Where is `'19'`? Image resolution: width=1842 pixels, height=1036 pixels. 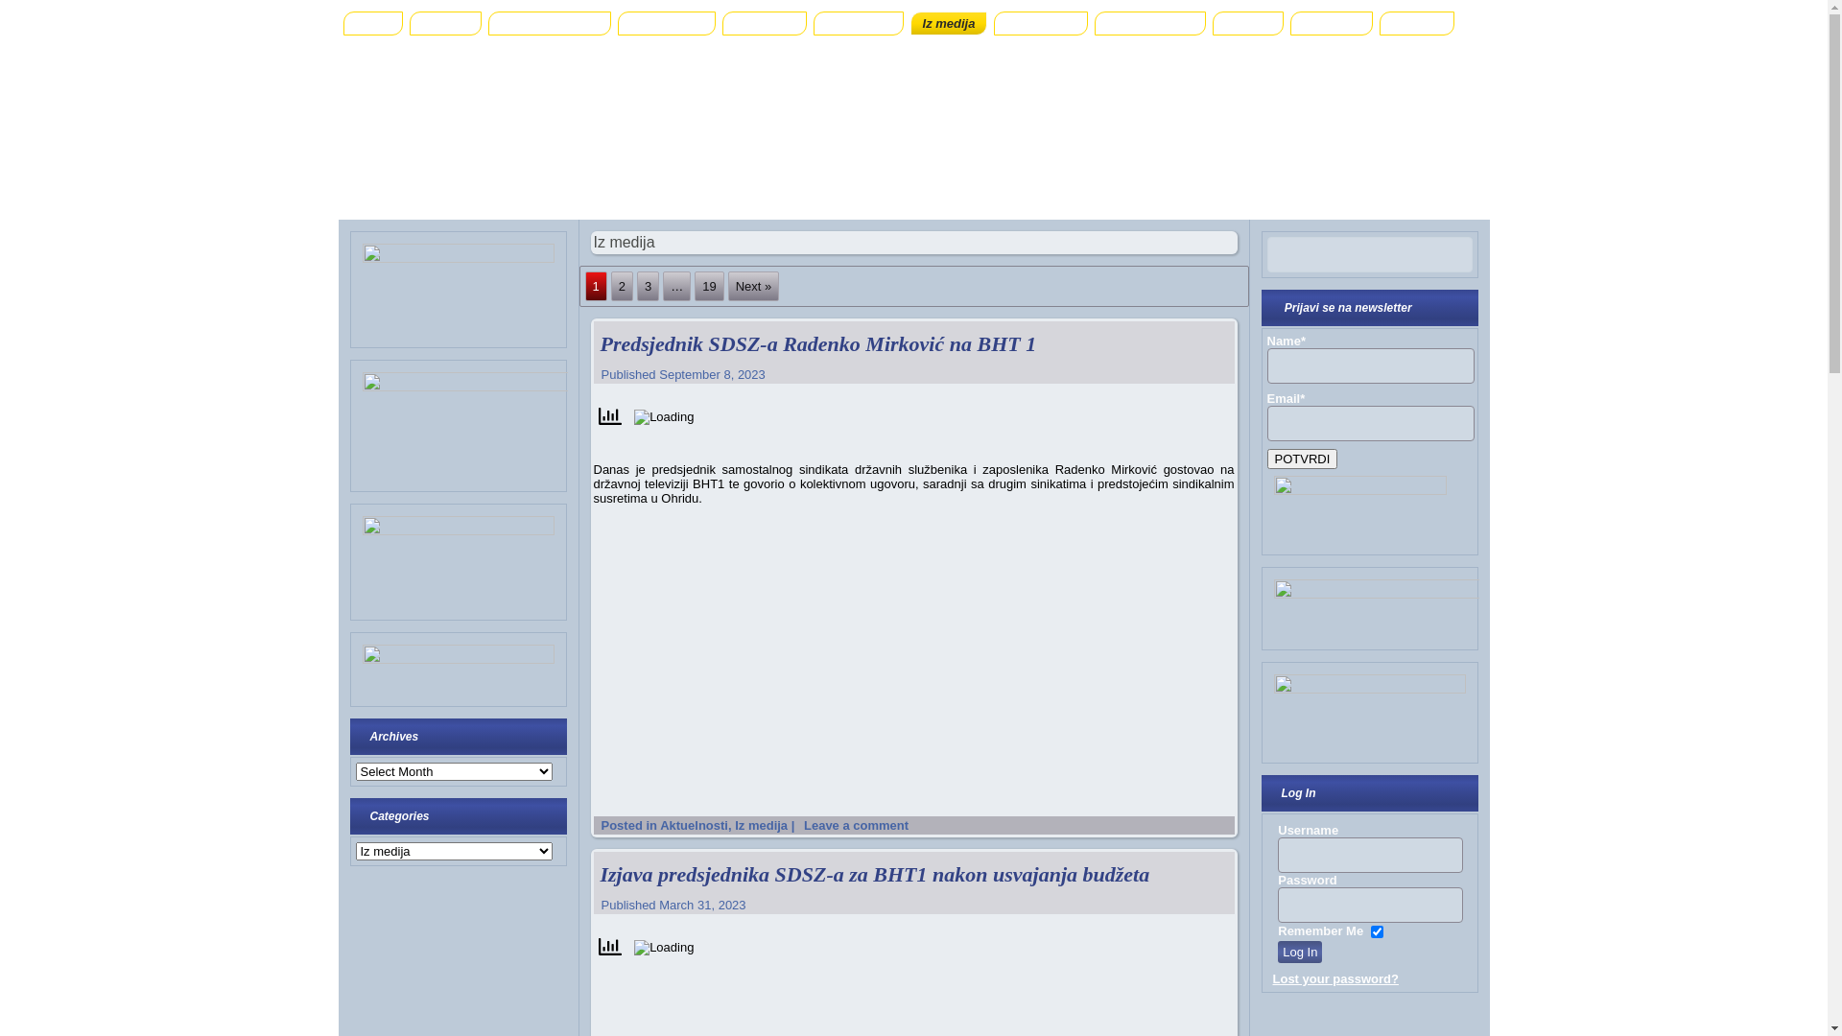 '19' is located at coordinates (708, 286).